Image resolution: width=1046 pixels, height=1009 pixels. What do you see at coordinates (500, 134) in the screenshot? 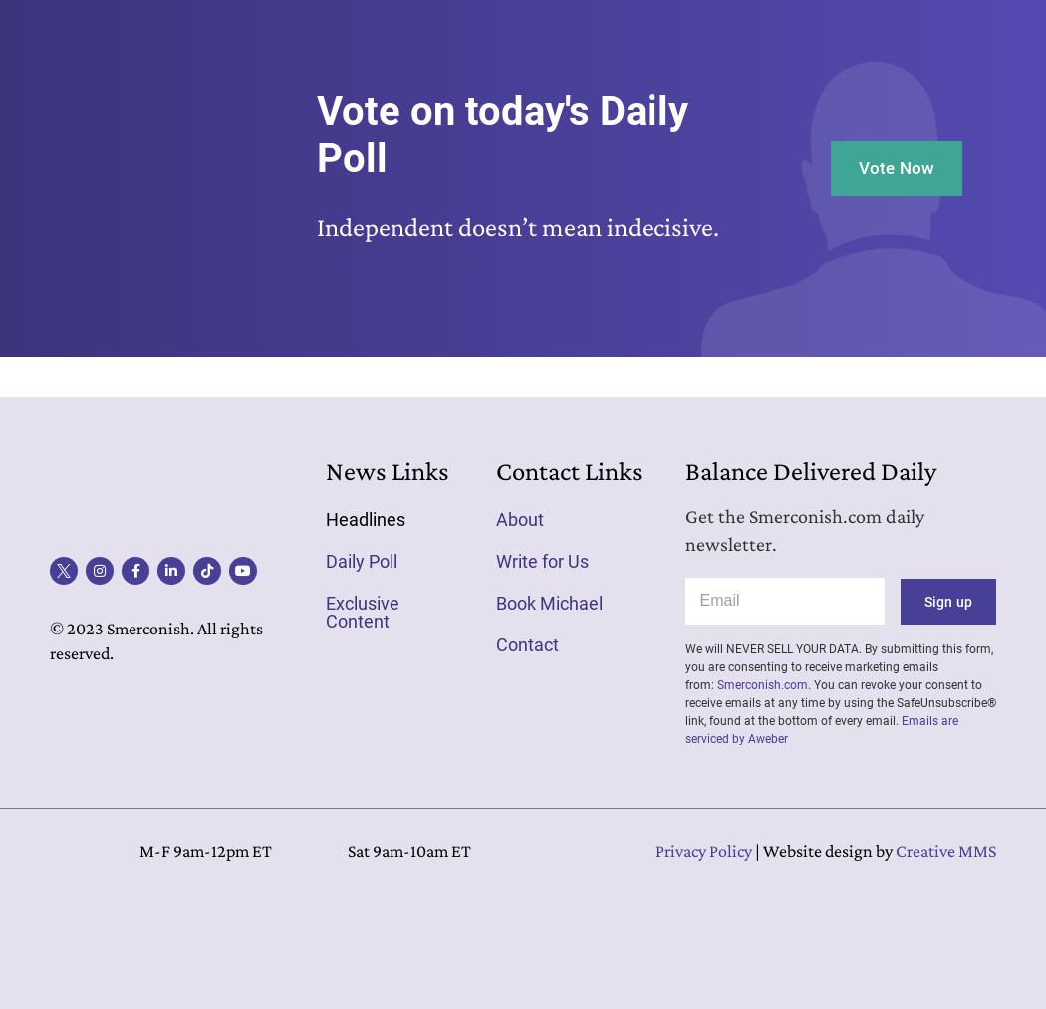
I see `'Vote on today's Daily Poll'` at bounding box center [500, 134].